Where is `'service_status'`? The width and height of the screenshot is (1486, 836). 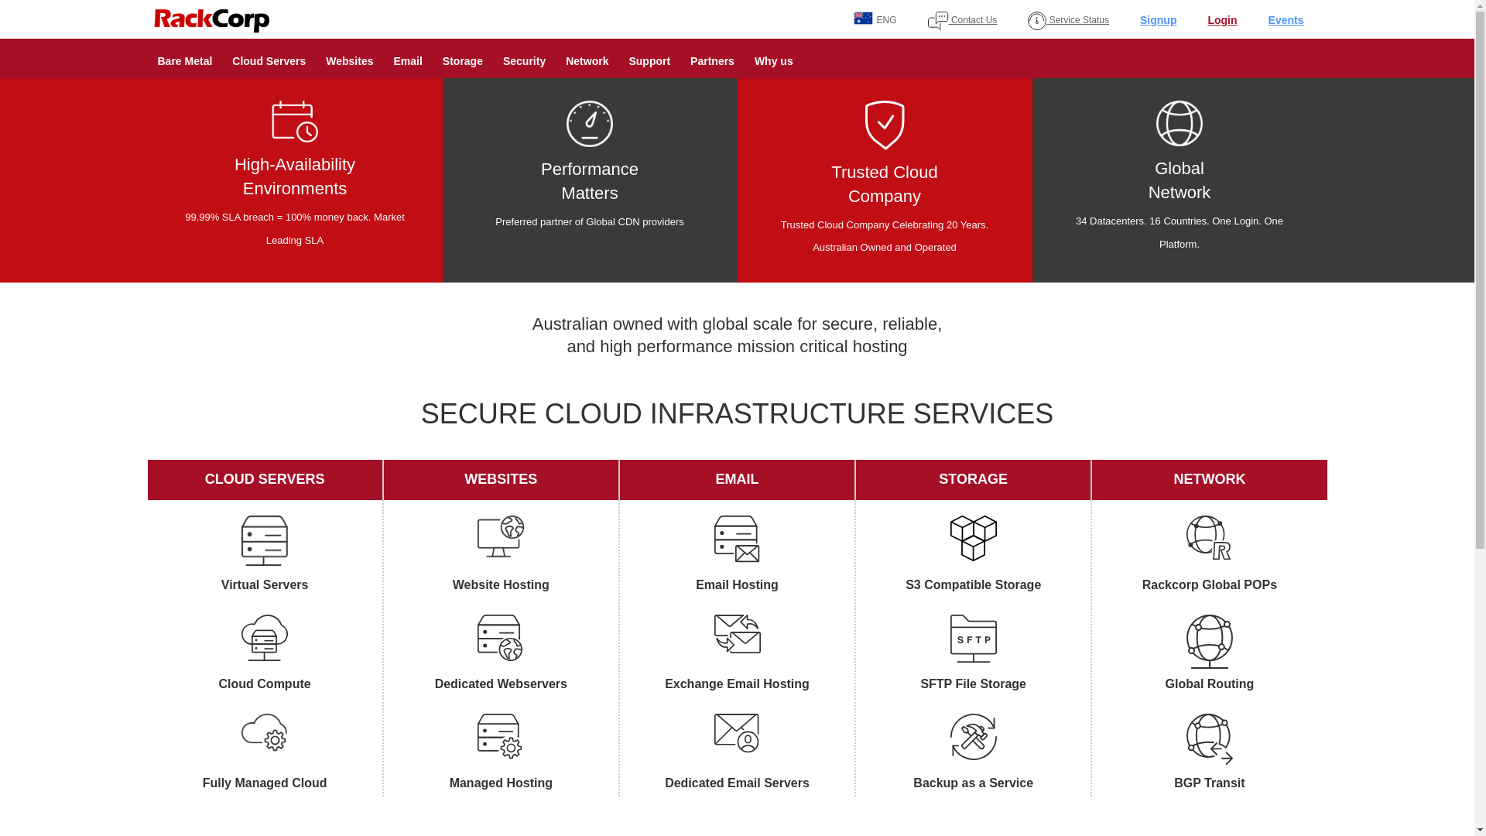
'service_status' is located at coordinates (1028, 21).